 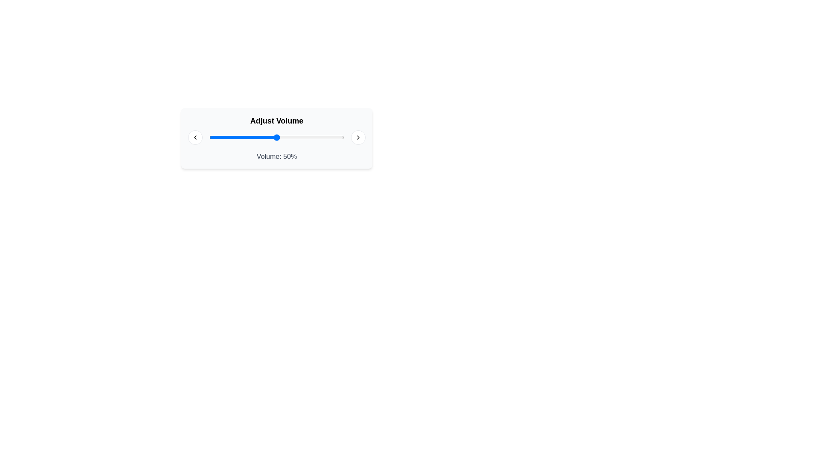 I want to click on the slider, so click(x=221, y=137).